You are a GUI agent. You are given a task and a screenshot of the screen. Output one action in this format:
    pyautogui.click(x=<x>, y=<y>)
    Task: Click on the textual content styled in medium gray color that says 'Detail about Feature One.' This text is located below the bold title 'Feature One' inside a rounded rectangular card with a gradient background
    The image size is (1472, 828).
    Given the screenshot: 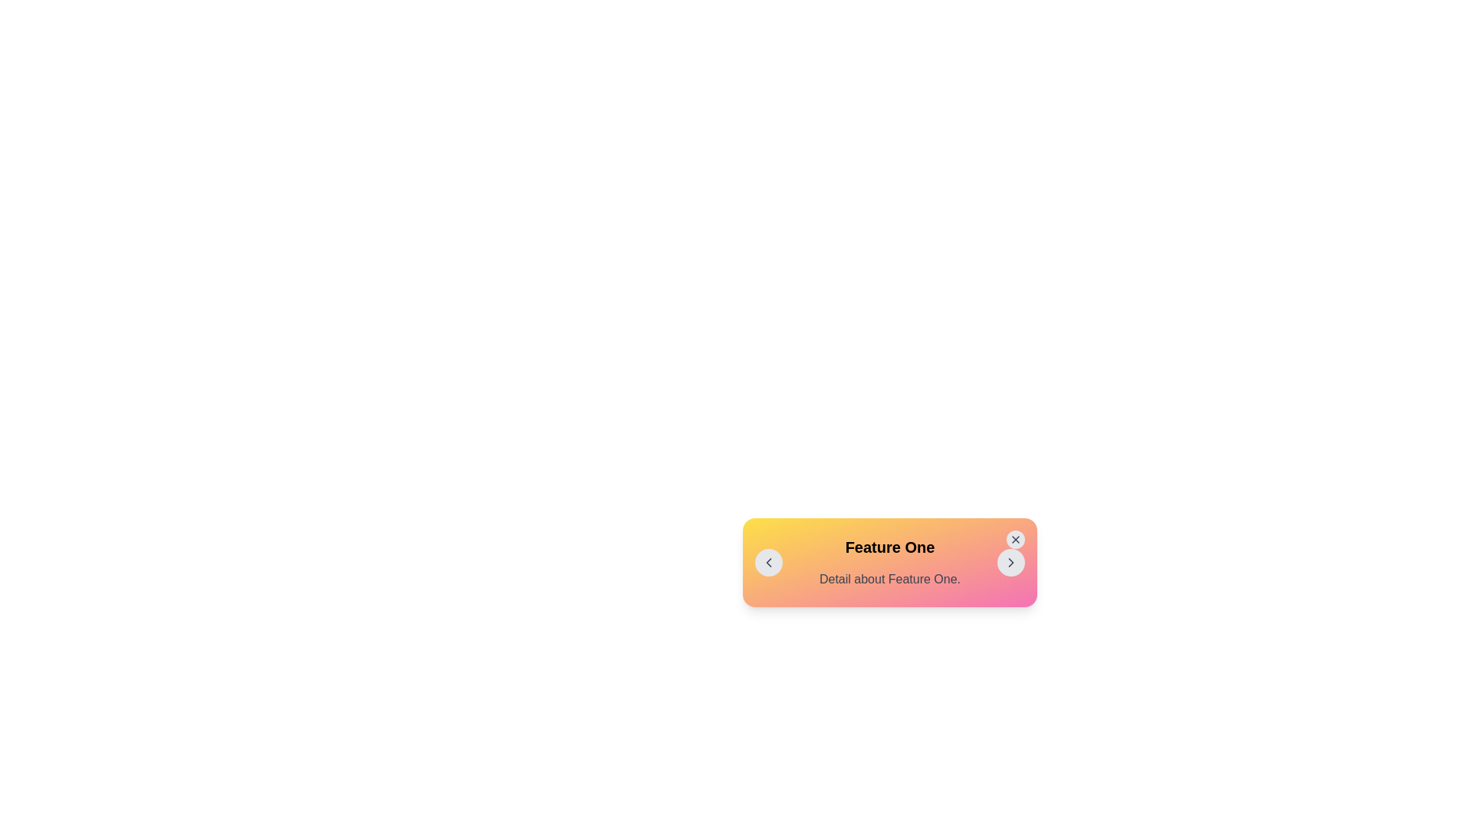 What is the action you would take?
    pyautogui.click(x=890, y=580)
    